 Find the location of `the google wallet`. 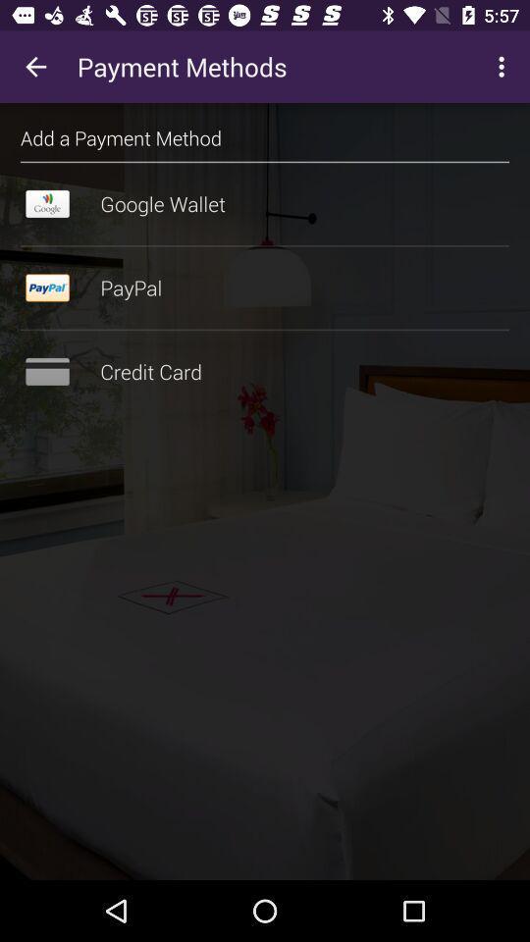

the google wallet is located at coordinates (265, 204).